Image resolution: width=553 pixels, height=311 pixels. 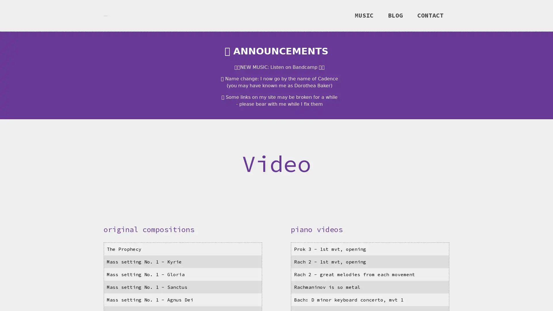 I want to click on video: Prok 3 - 1st mvt, opening, so click(x=370, y=249).